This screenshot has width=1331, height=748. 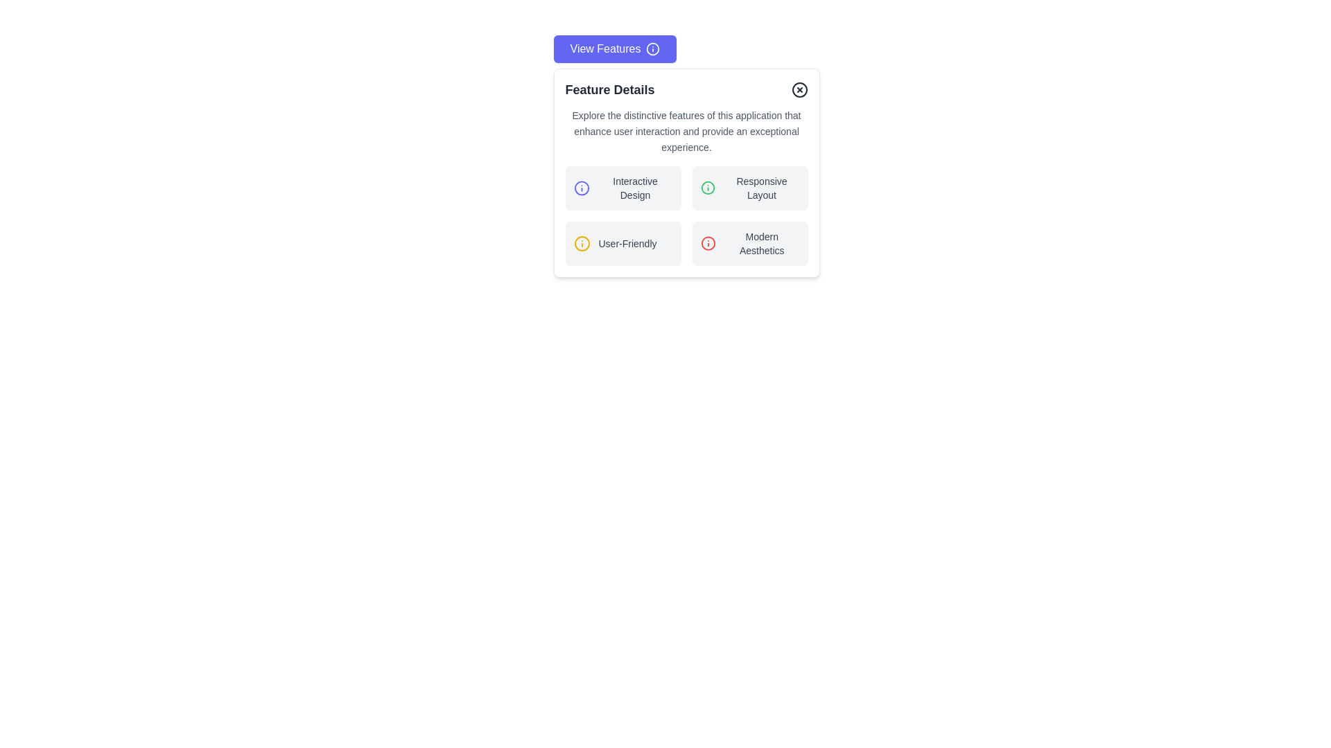 What do you see at coordinates (686, 172) in the screenshot?
I see `the modal that appears below the 'View Features' button, which has a white background and structured content` at bounding box center [686, 172].